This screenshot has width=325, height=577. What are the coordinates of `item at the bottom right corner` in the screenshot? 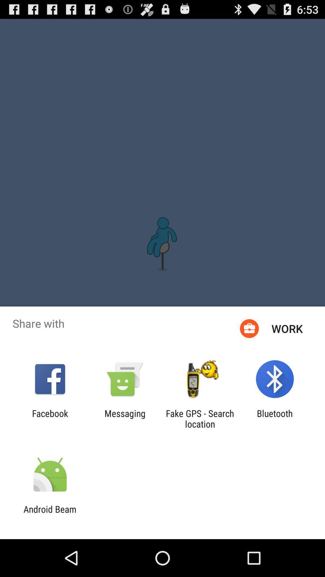 It's located at (275, 418).